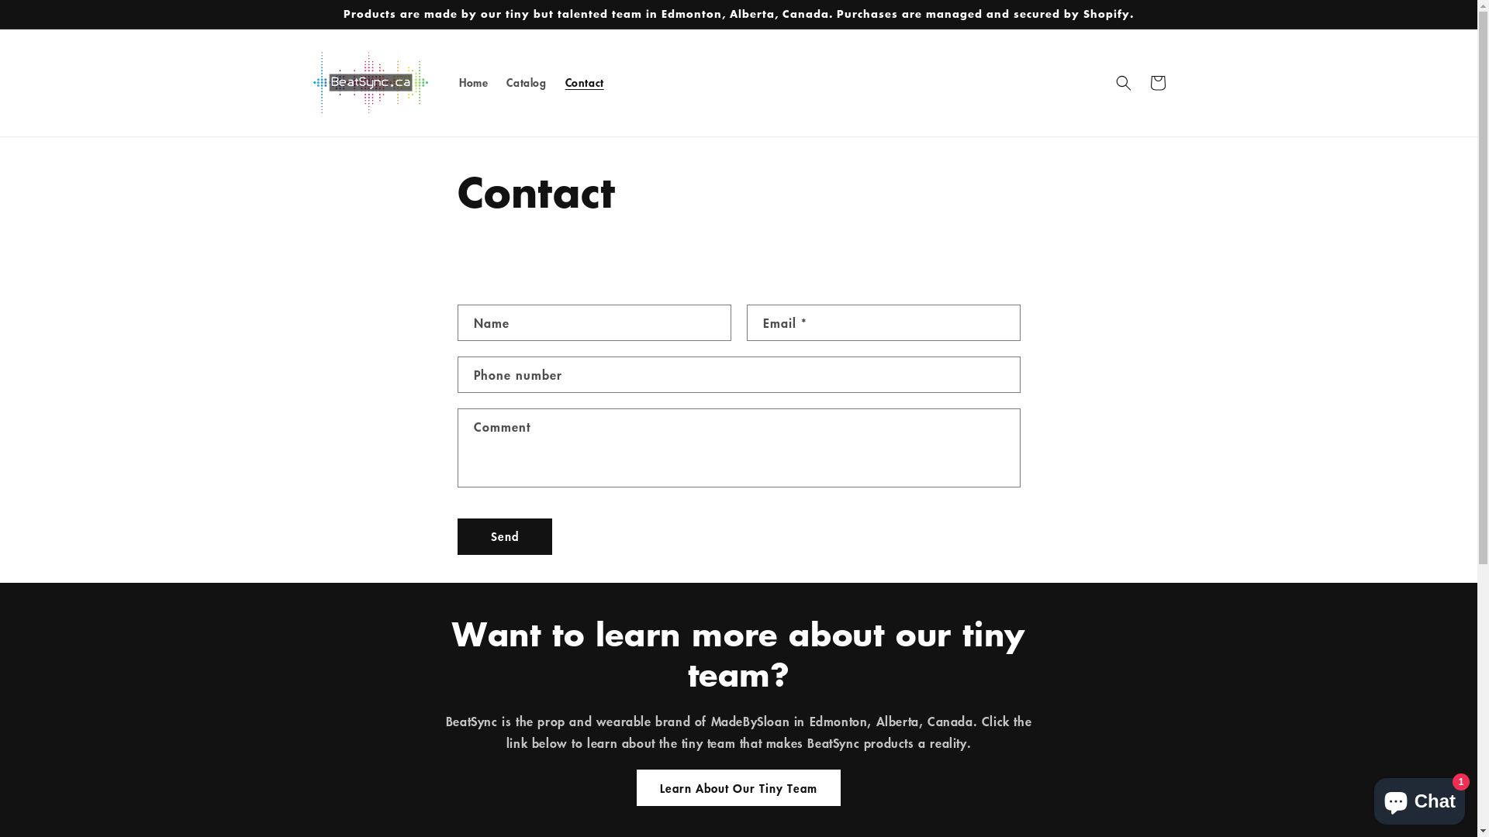 The width and height of the screenshot is (1489, 837). I want to click on 'Shopify online store chat', so click(1419, 797).